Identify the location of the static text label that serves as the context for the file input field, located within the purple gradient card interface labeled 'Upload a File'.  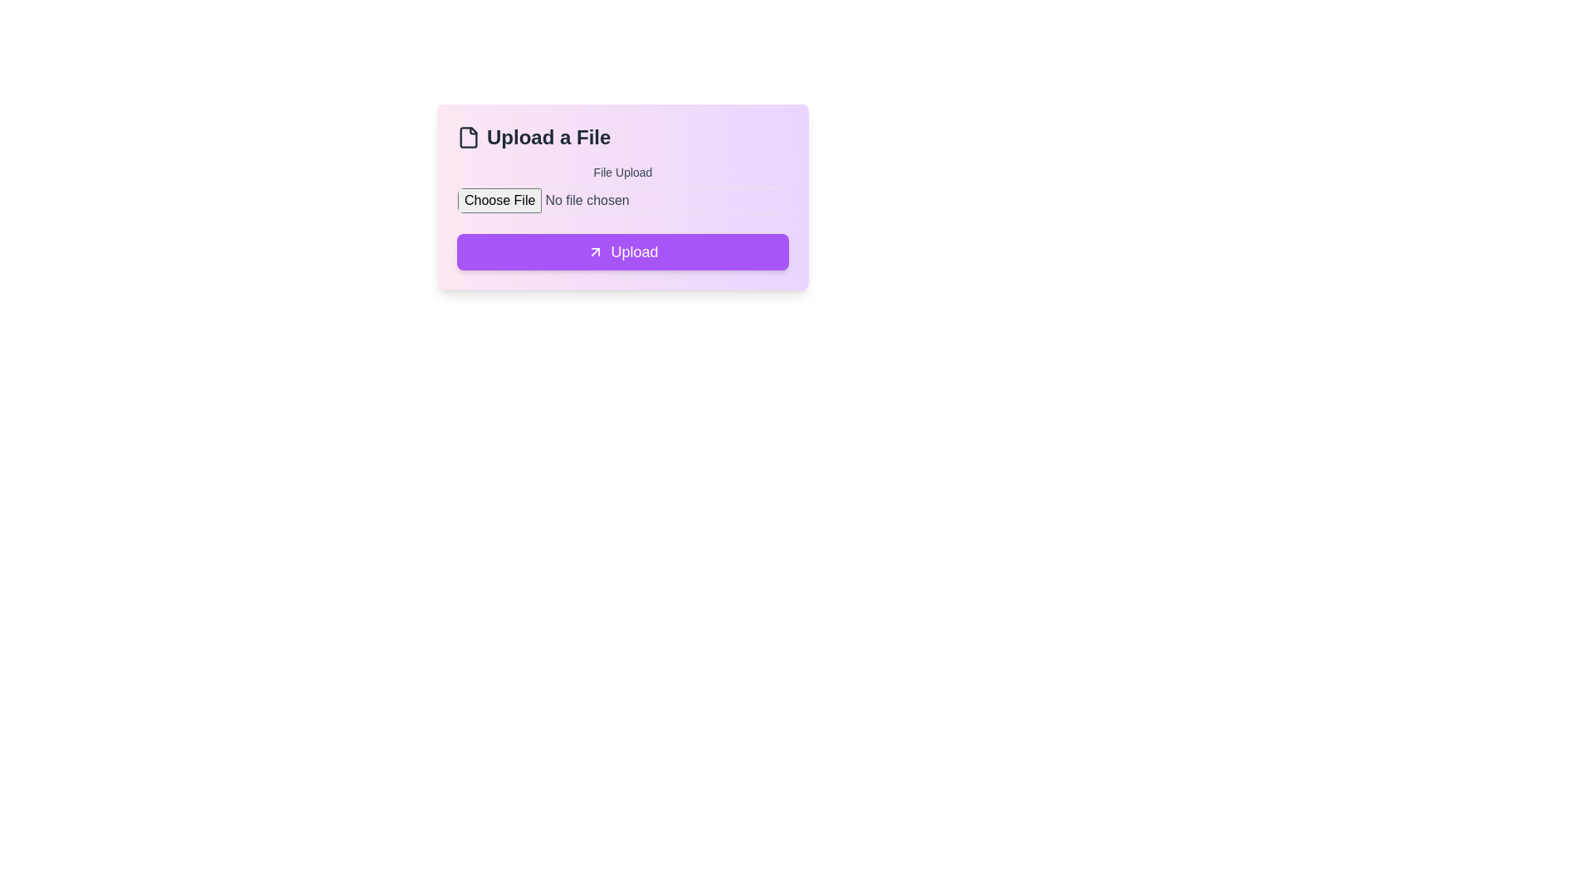
(621, 173).